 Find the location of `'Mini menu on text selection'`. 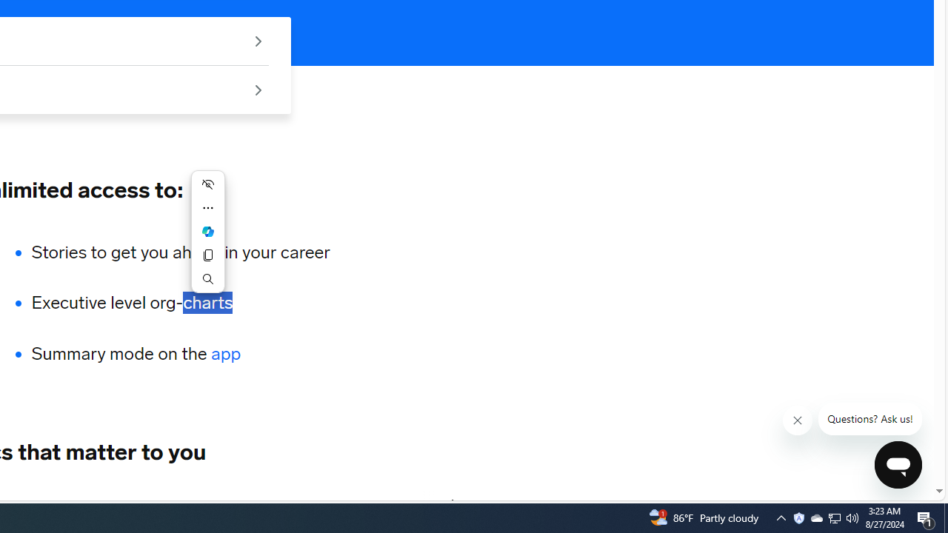

'Mini menu on text selection' is located at coordinates (207, 232).